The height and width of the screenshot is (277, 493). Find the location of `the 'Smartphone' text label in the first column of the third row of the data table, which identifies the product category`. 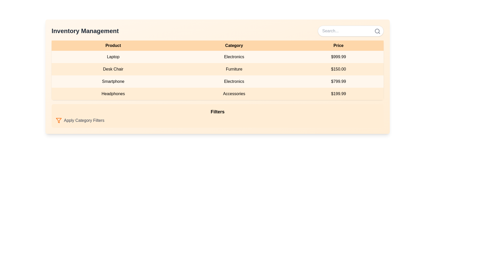

the 'Smartphone' text label in the first column of the third row of the data table, which identifies the product category is located at coordinates (113, 81).